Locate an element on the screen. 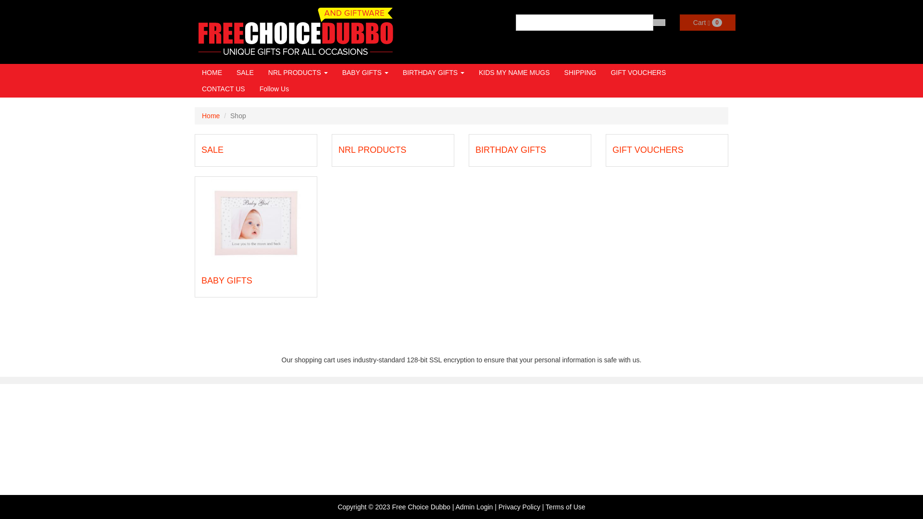 The image size is (923, 519). 'CONTACT US' is located at coordinates (223, 89).